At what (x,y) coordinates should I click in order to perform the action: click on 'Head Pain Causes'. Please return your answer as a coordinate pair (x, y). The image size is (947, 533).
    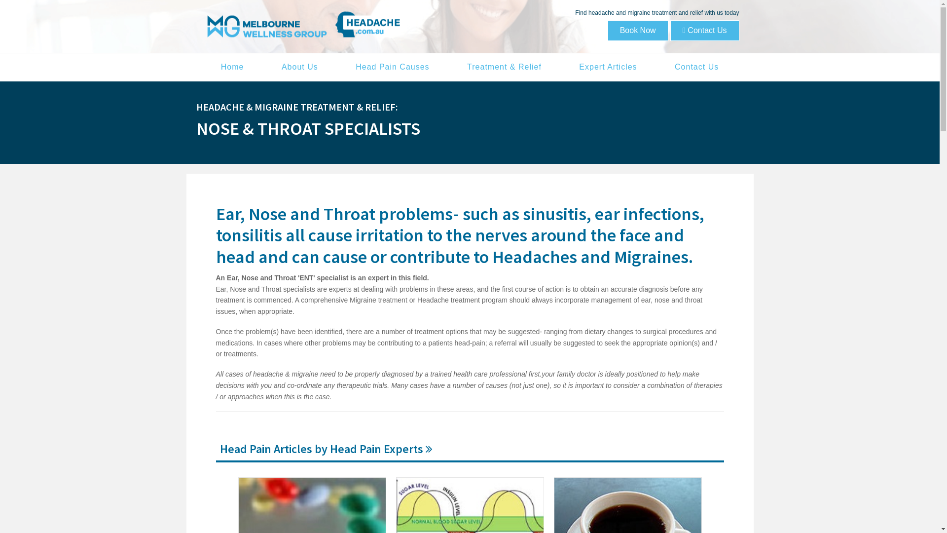
    Looking at the image, I should click on (392, 67).